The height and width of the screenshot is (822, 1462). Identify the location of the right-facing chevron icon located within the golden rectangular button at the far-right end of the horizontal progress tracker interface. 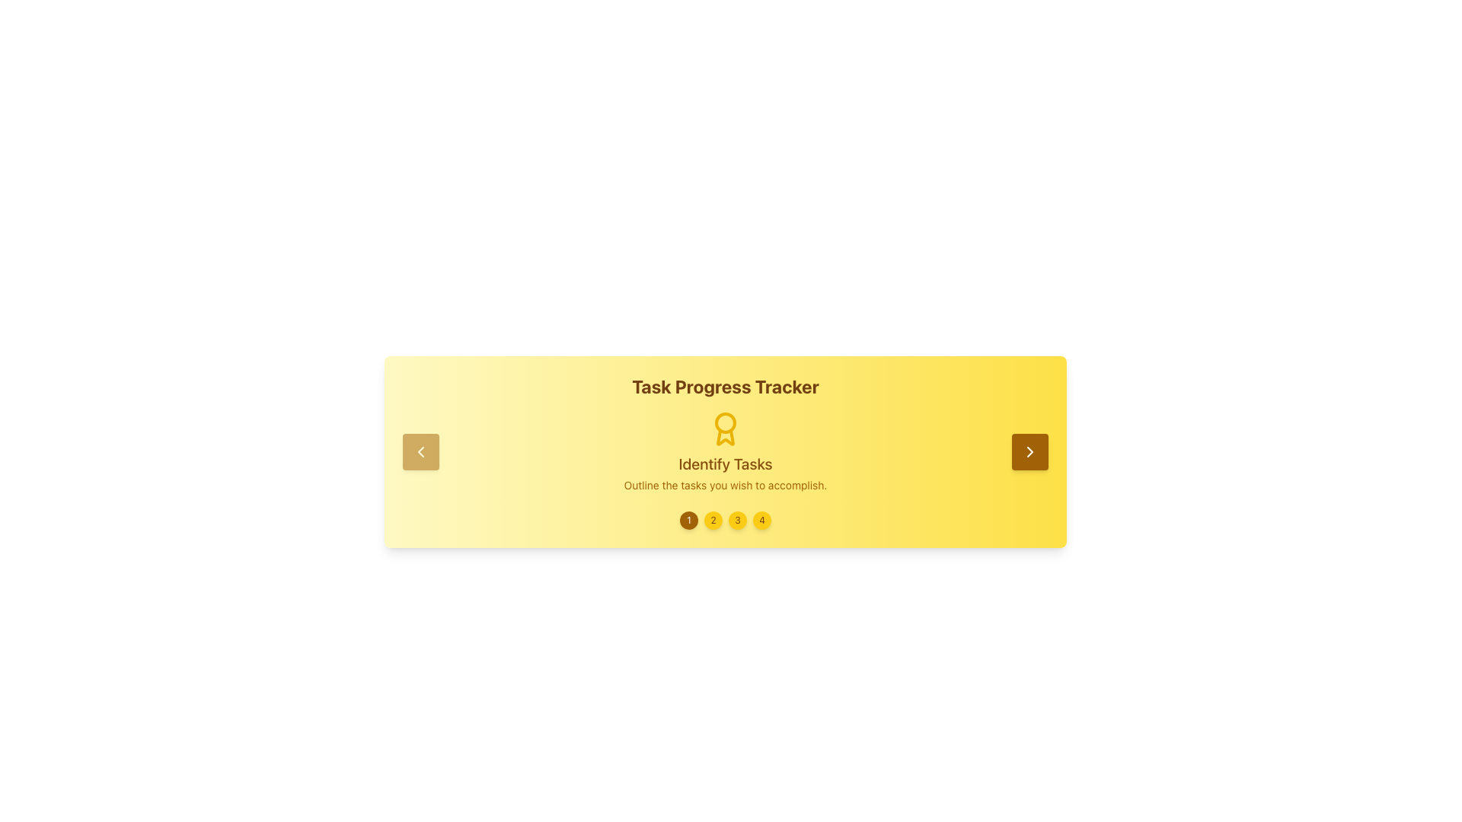
(1030, 451).